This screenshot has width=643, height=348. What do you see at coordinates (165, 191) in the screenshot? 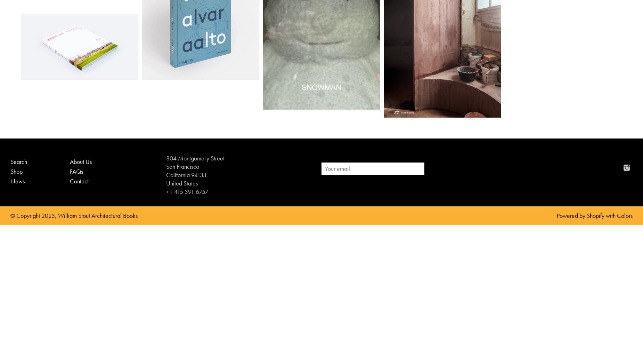
I see `'+1 415 391 6757'` at bounding box center [165, 191].